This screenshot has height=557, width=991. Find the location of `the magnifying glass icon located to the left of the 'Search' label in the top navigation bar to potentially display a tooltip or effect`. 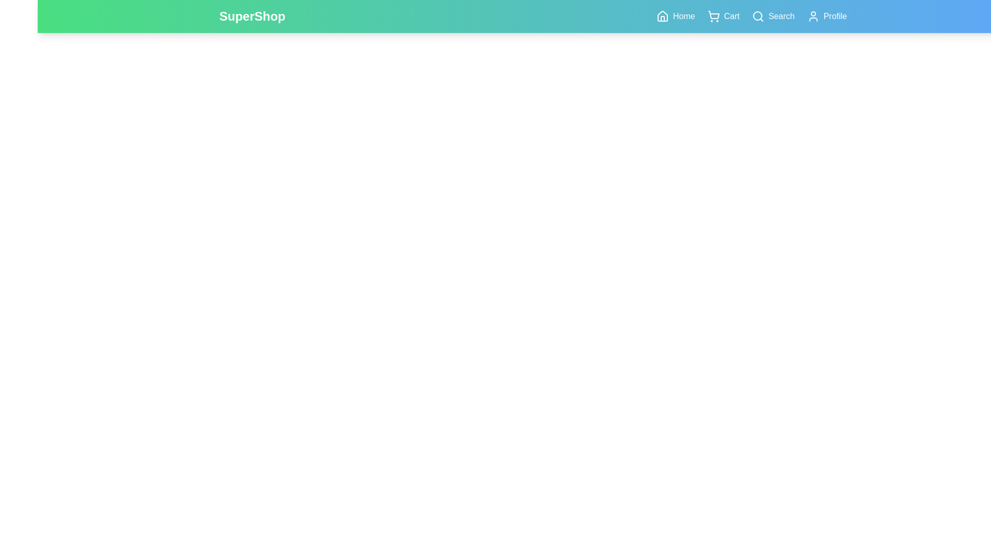

the magnifying glass icon located to the left of the 'Search' label in the top navigation bar to potentially display a tooltip or effect is located at coordinates (758, 16).